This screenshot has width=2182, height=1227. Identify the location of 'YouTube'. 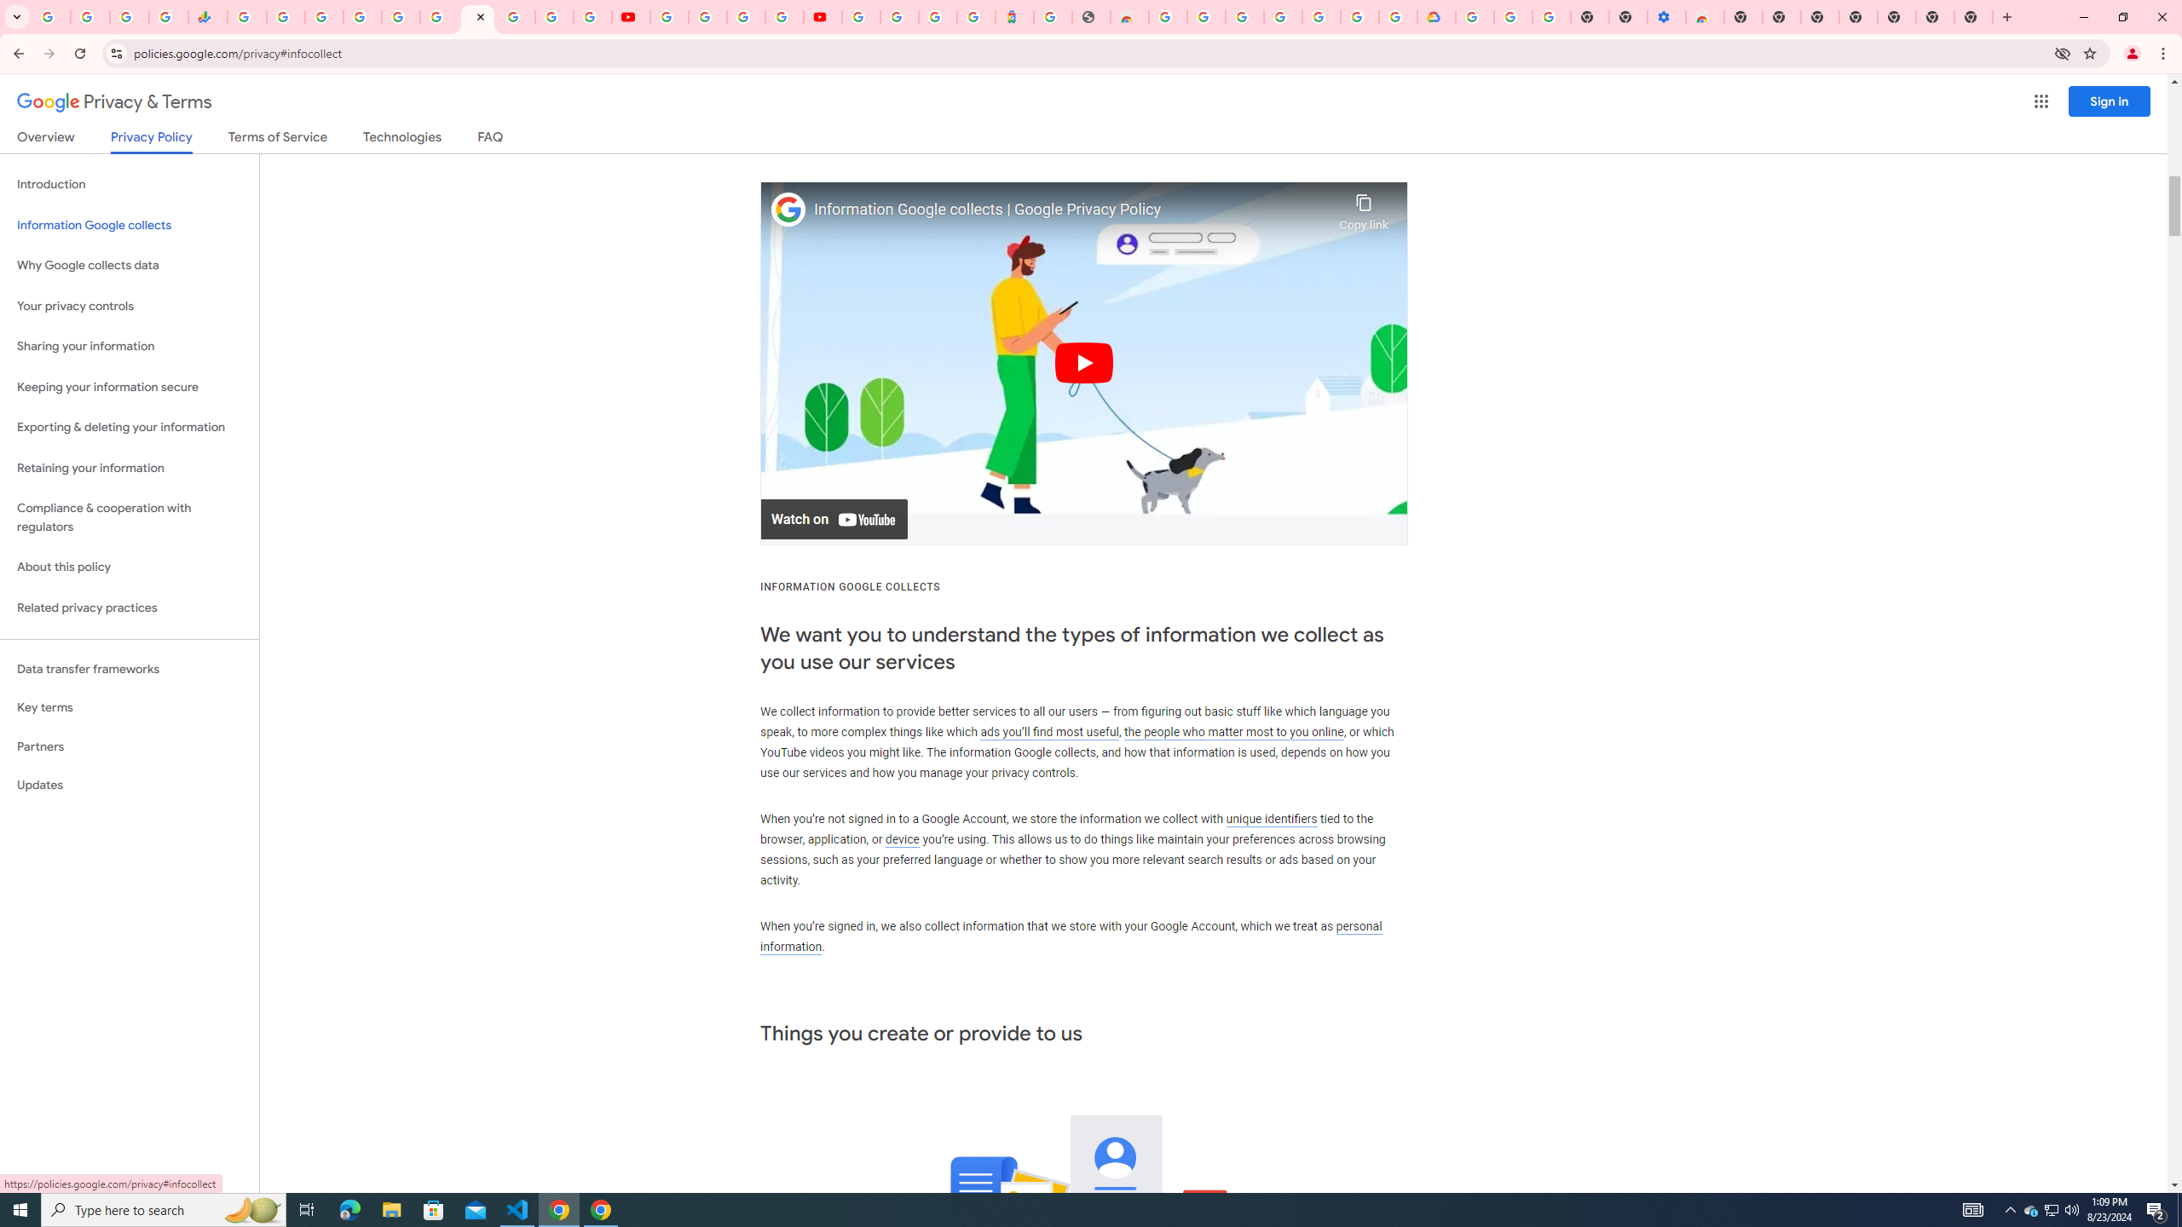
(632, 16).